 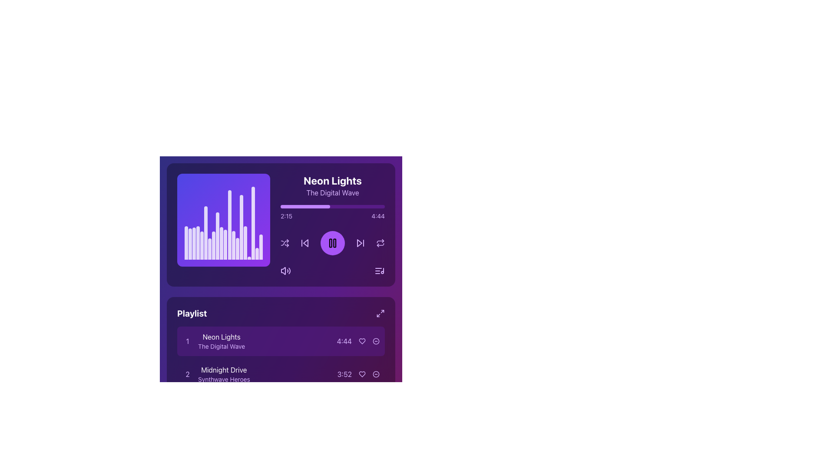 I want to click on the height changes of the eleventh bar from the left in the sound visualizer, which is located beneath the 'Neon Lights - The Digital Wave' title section, so click(x=225, y=244).